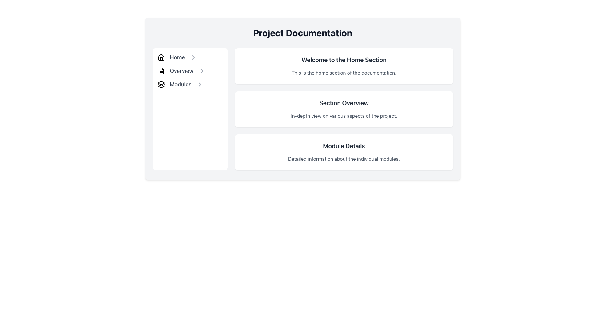 The width and height of the screenshot is (591, 332). Describe the element at coordinates (303, 33) in the screenshot. I see `the 'Project Documentation' heading at the top of the page` at that location.